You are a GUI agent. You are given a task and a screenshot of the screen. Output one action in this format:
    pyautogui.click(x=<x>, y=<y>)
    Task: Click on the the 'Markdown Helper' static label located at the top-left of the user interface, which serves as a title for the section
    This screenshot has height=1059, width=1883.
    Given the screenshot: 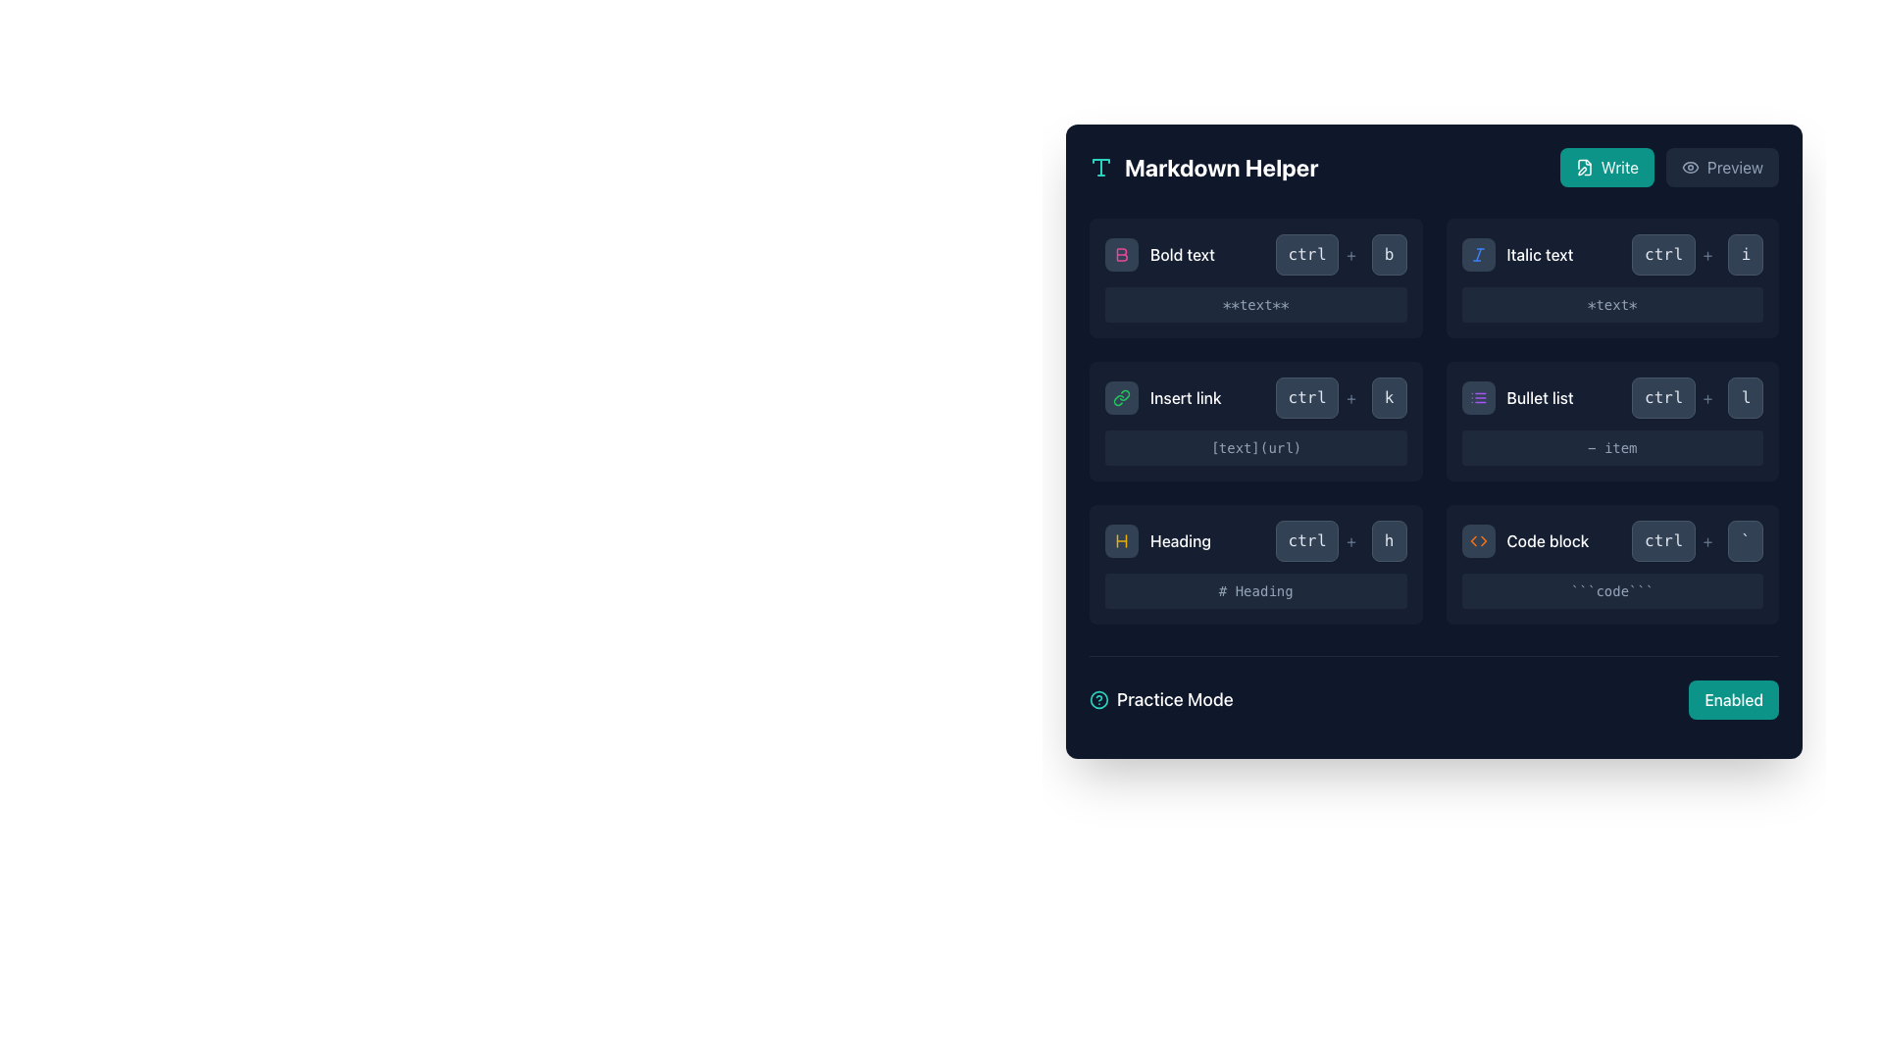 What is the action you would take?
    pyautogui.click(x=1202, y=166)
    